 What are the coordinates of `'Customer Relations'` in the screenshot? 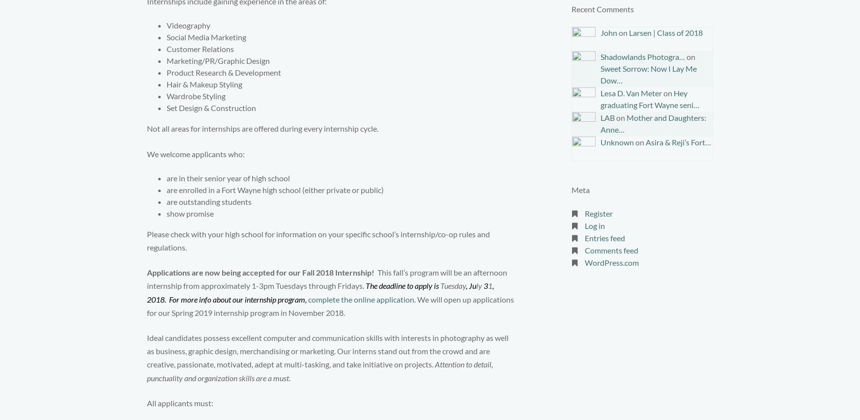 It's located at (200, 49).